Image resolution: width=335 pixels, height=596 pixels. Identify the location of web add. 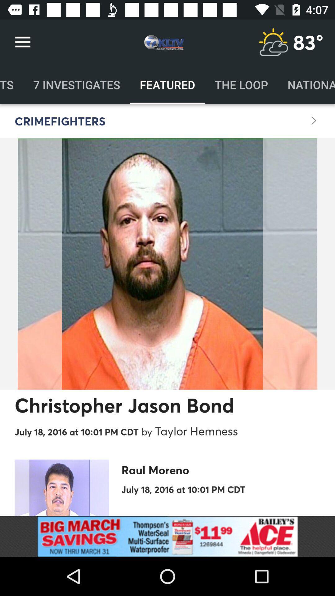
(167, 536).